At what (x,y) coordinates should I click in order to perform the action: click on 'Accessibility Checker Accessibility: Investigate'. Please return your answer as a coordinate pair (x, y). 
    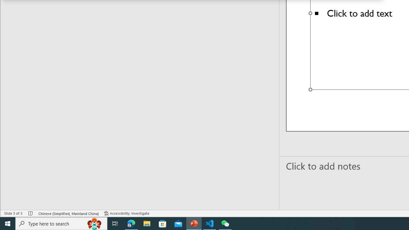
    Looking at the image, I should click on (127, 213).